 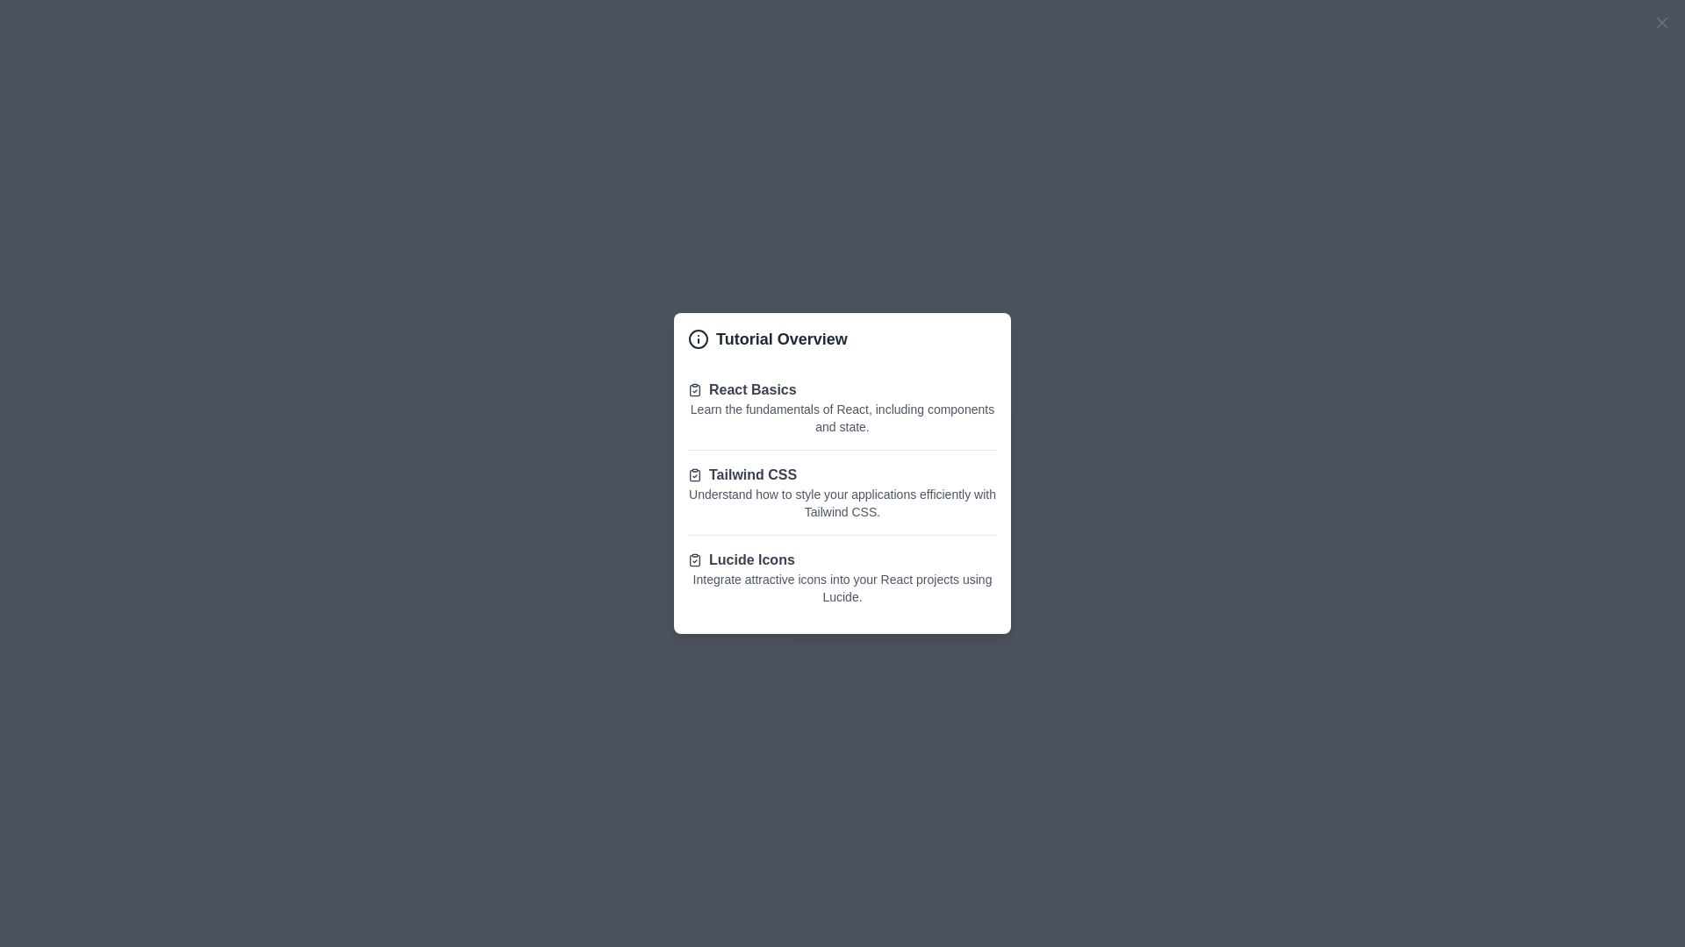 What do you see at coordinates (1661, 23) in the screenshot?
I see `the close button to close the dialog` at bounding box center [1661, 23].